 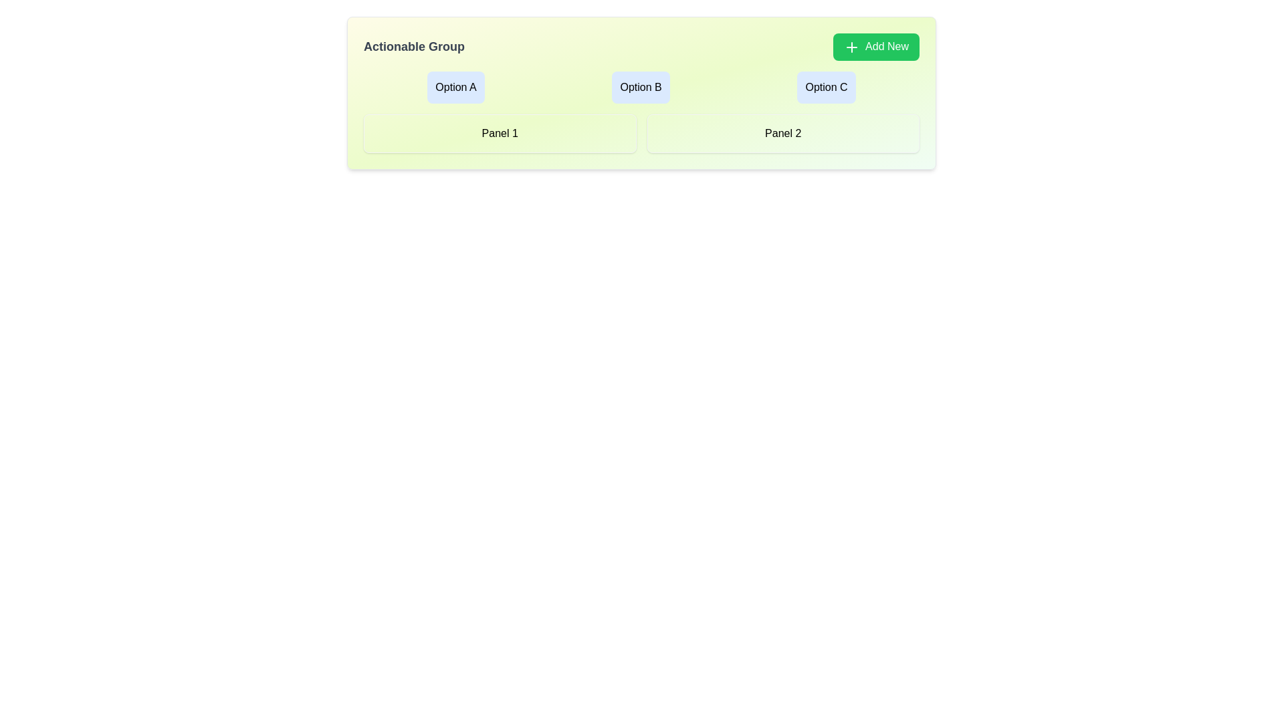 What do you see at coordinates (499, 133) in the screenshot?
I see `the static panel labeled 'Panel 1' with a light green background and rounded corners, located in the left half of the grid layout` at bounding box center [499, 133].